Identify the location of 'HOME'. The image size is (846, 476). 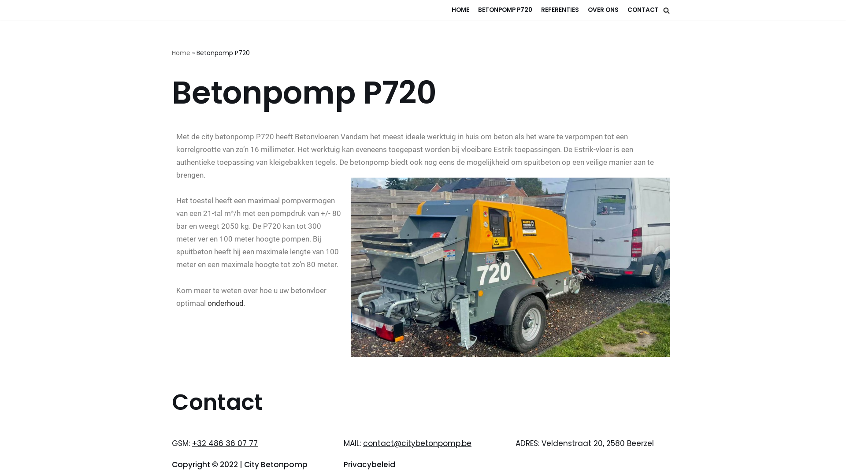
(460, 10).